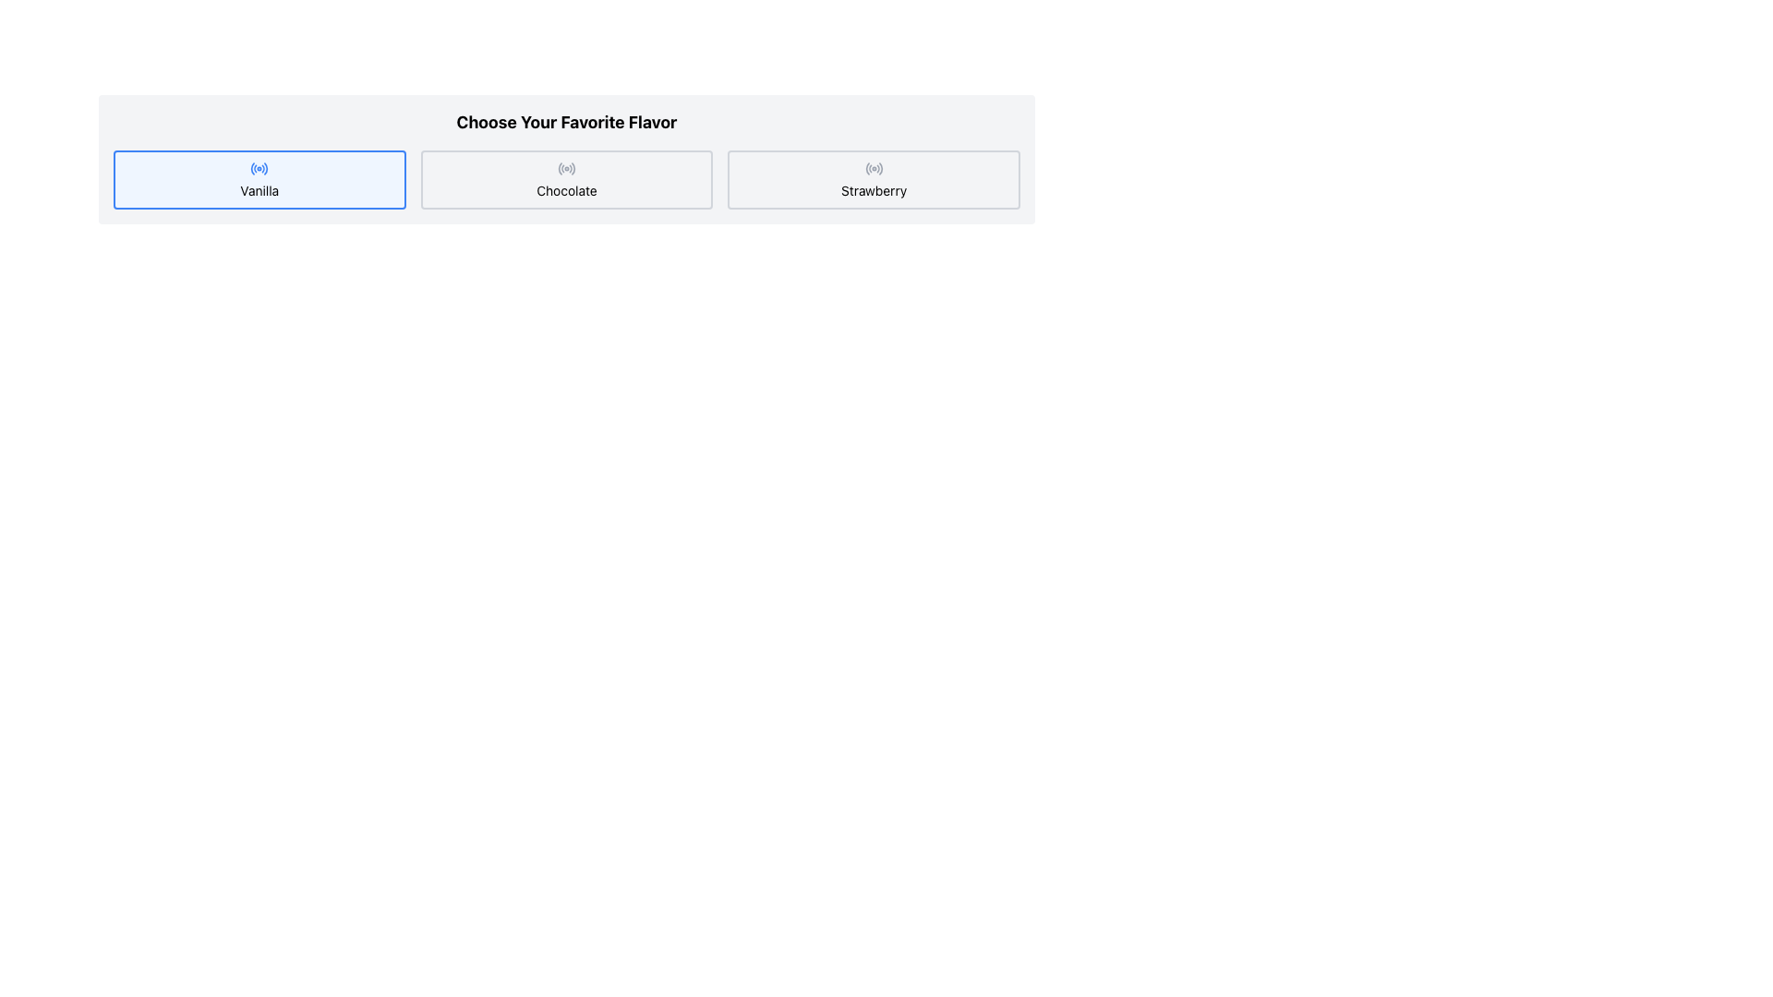 Image resolution: width=1773 pixels, height=997 pixels. I want to click on the 'Strawberry' selectable button, so click(873, 180).